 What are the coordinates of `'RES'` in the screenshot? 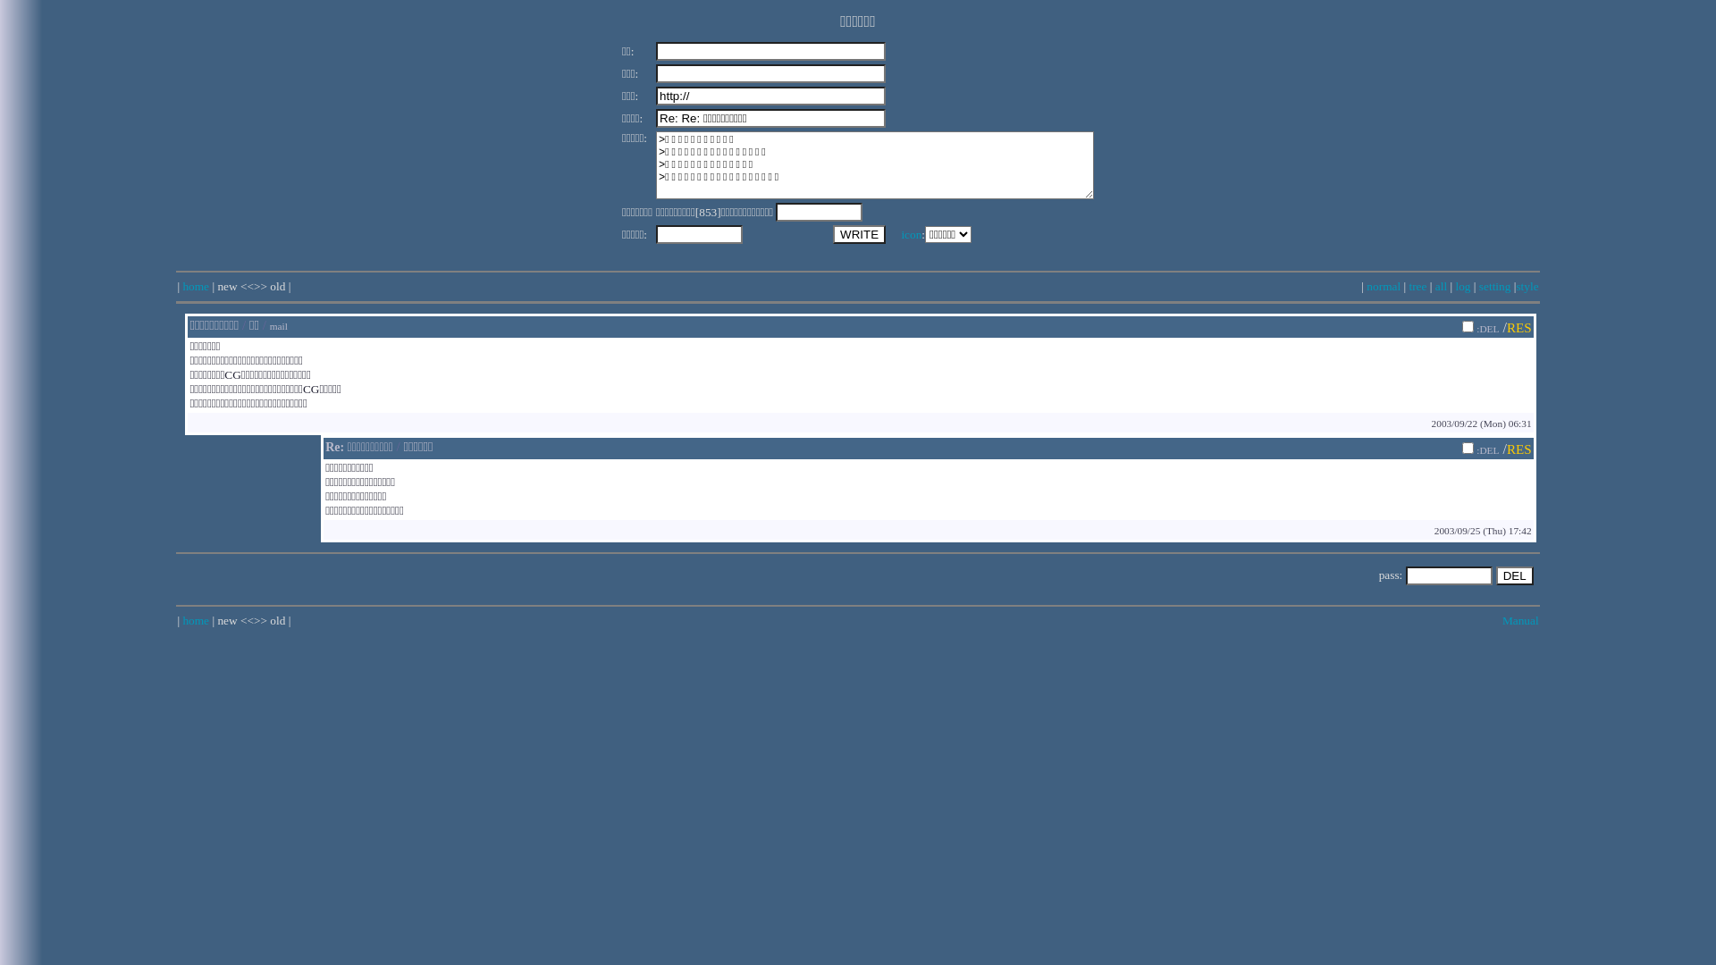 It's located at (1518, 327).